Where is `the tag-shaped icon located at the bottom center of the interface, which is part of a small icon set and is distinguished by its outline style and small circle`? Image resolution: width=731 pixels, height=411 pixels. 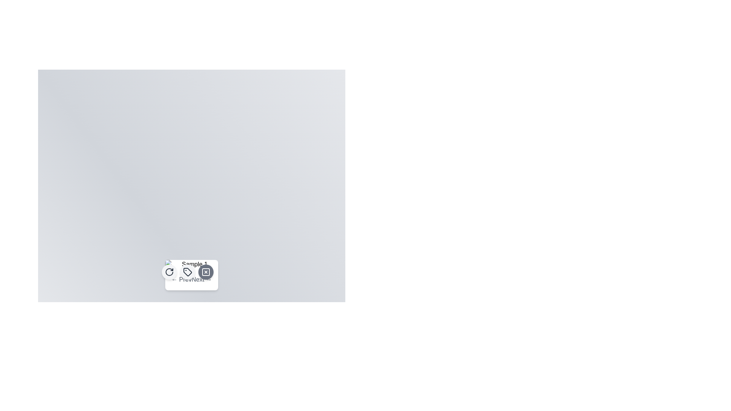 the tag-shaped icon located at the bottom center of the interface, which is part of a small icon set and is distinguished by its outline style and small circle is located at coordinates (187, 271).